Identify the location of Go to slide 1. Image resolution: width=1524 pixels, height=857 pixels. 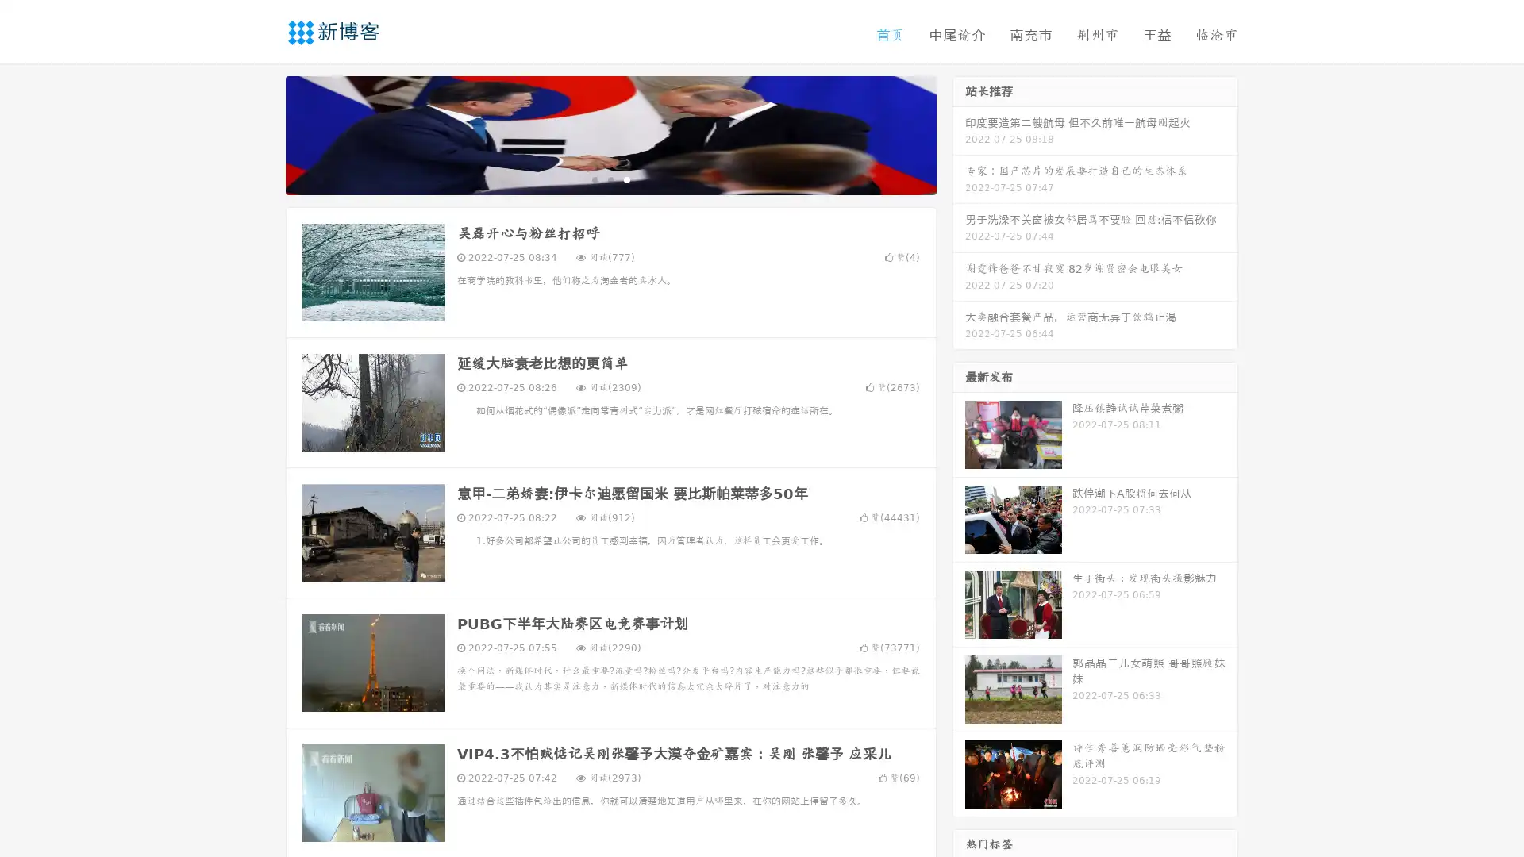
(594, 179).